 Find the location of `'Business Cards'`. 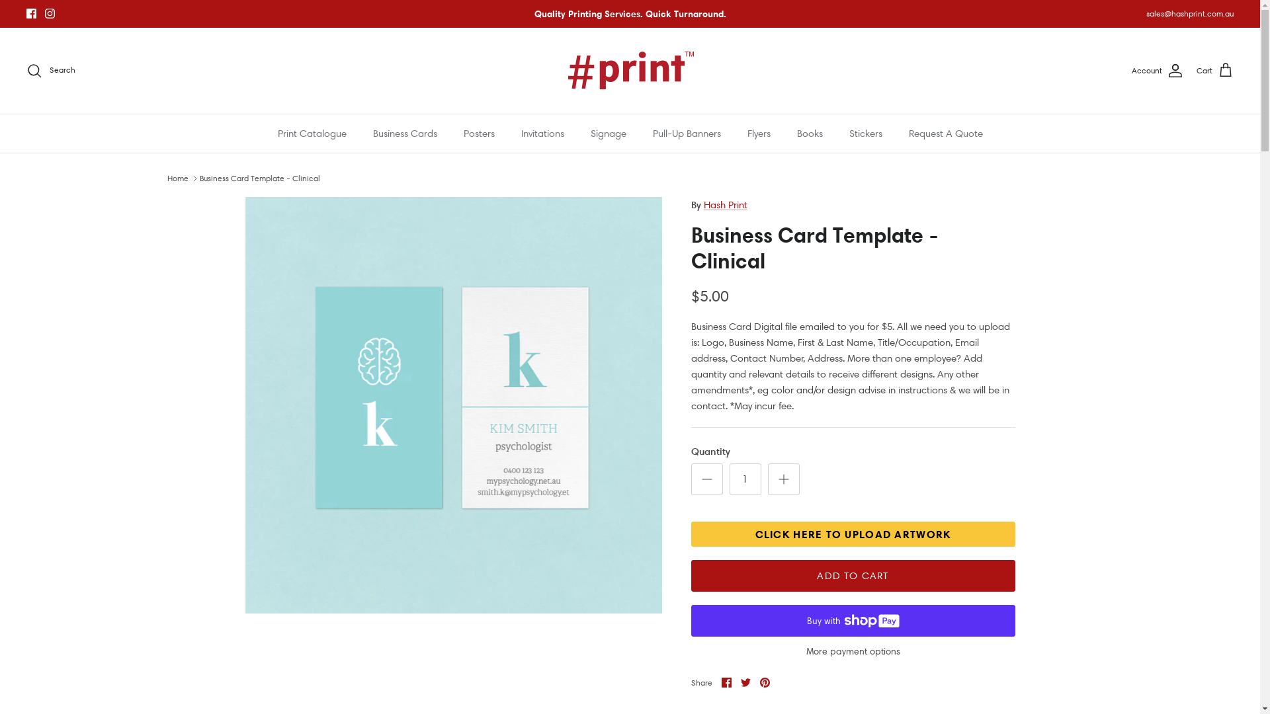

'Business Cards' is located at coordinates (404, 134).